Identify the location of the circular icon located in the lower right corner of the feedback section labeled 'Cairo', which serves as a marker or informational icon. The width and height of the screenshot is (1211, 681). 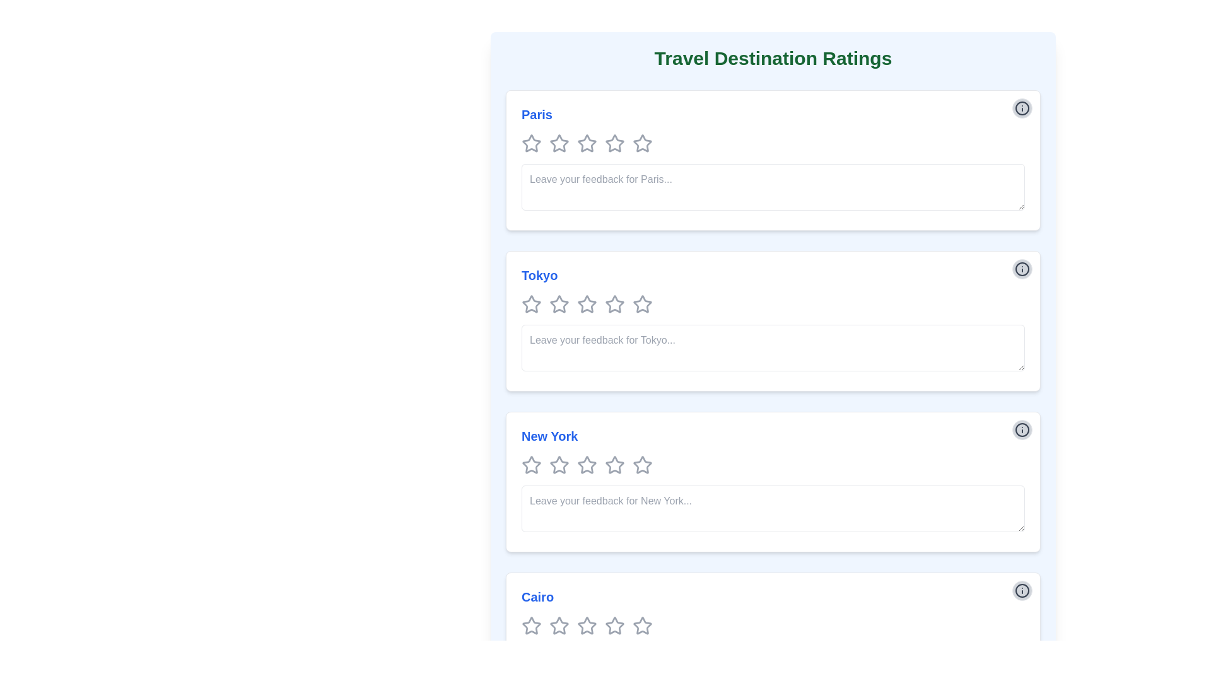
(1022, 591).